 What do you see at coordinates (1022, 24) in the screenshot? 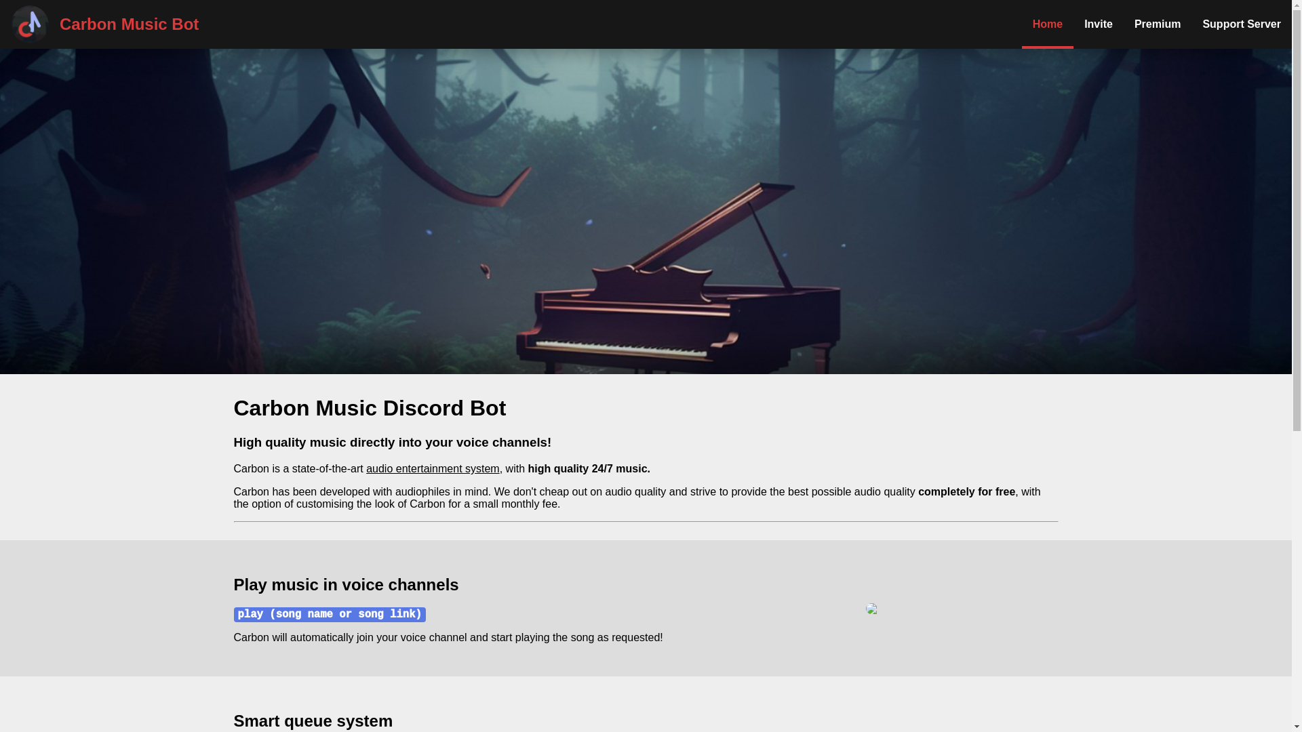
I see `'Home'` at bounding box center [1022, 24].